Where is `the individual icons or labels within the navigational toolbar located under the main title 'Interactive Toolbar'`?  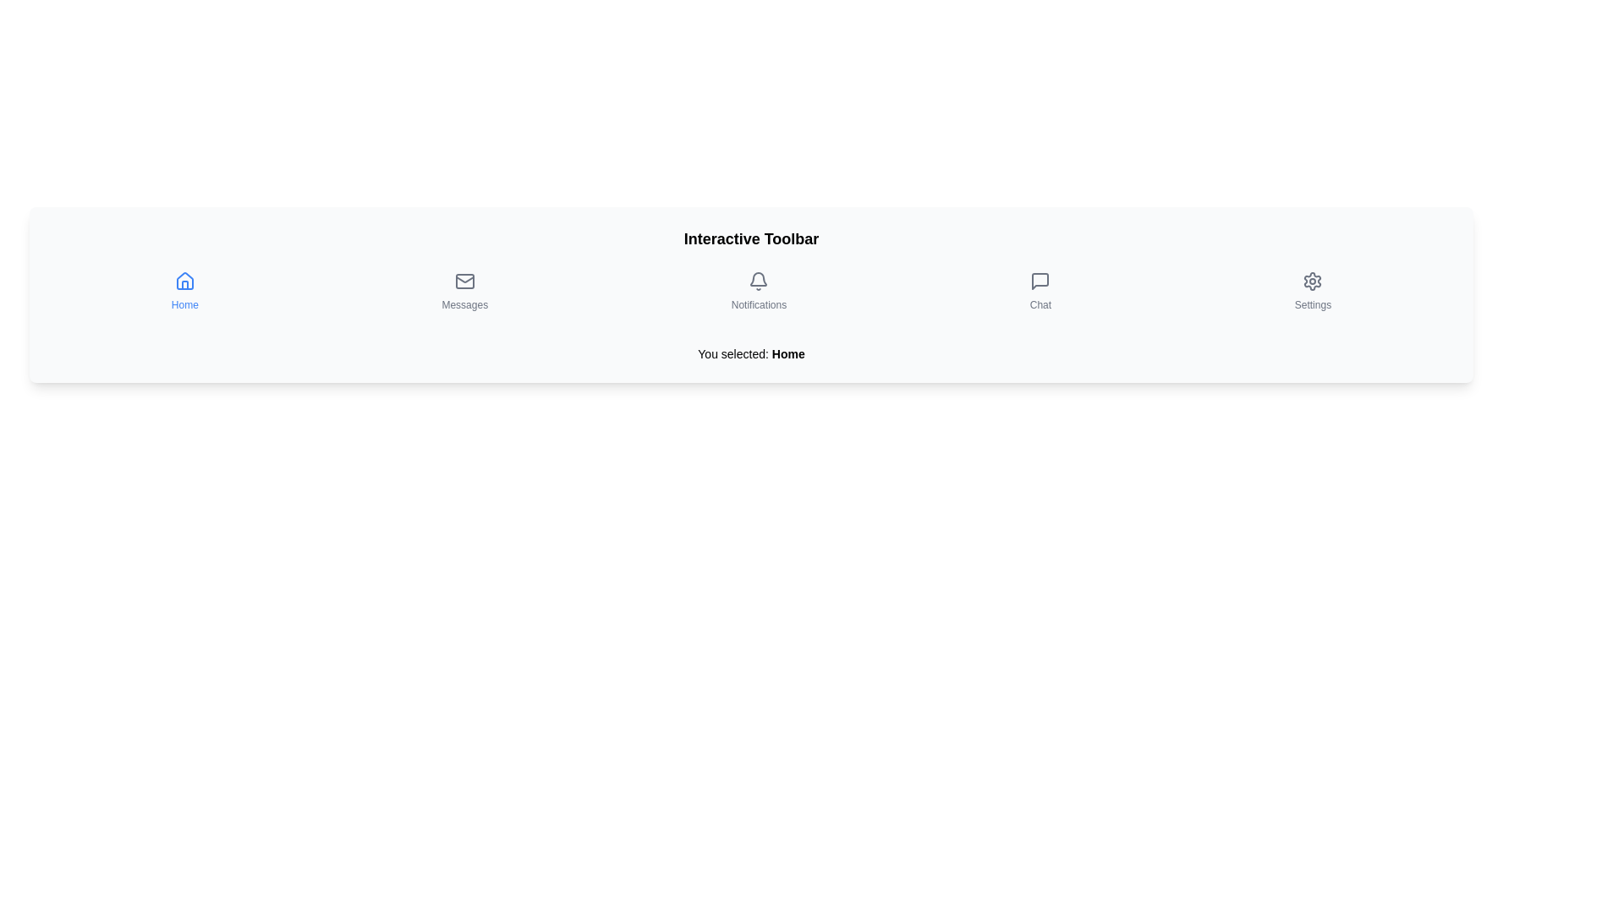 the individual icons or labels within the navigational toolbar located under the main title 'Interactive Toolbar' is located at coordinates (750, 290).